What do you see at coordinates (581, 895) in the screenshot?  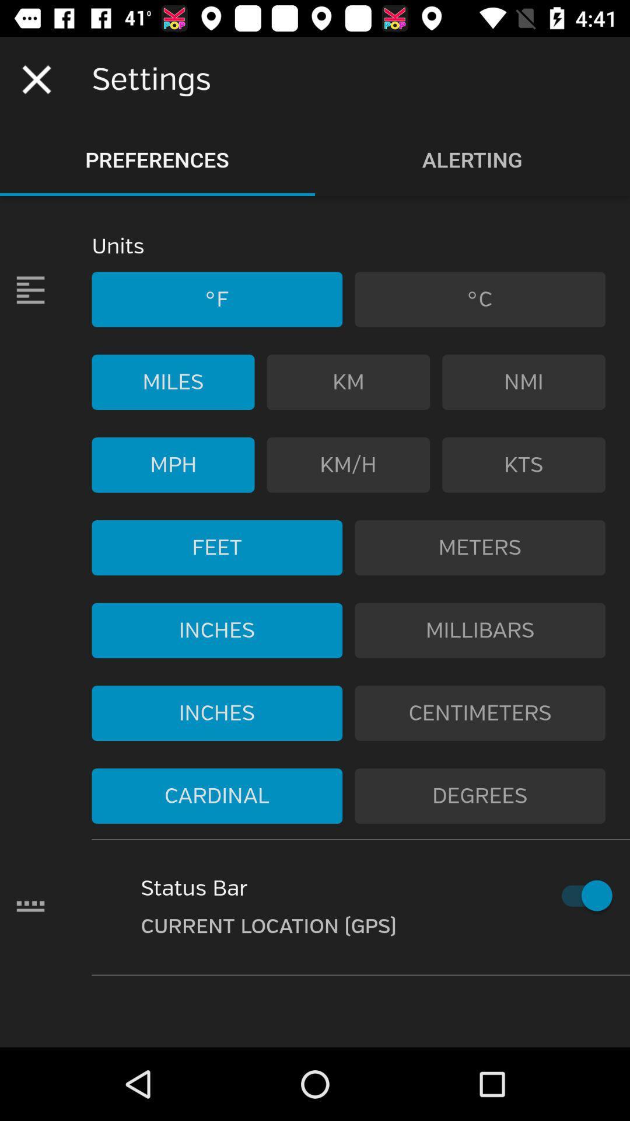 I see `turn off` at bounding box center [581, 895].